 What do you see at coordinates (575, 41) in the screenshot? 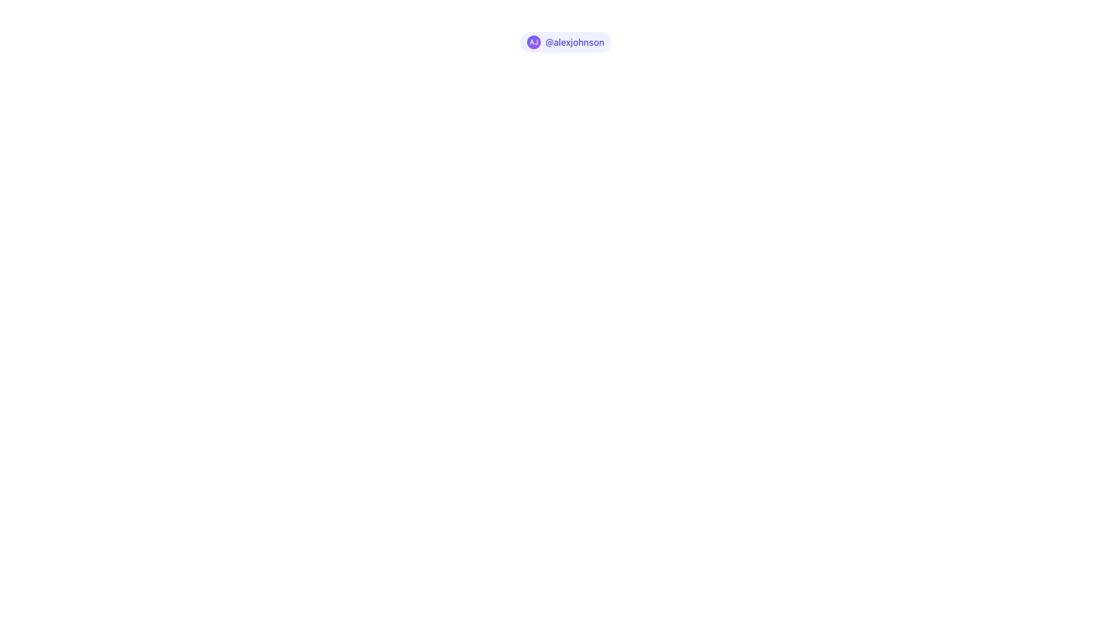
I see `the text label displaying the handle '@alexjohnson' styled in indigo, positioned to the far right of a circle with initials 'AJ'` at bounding box center [575, 41].